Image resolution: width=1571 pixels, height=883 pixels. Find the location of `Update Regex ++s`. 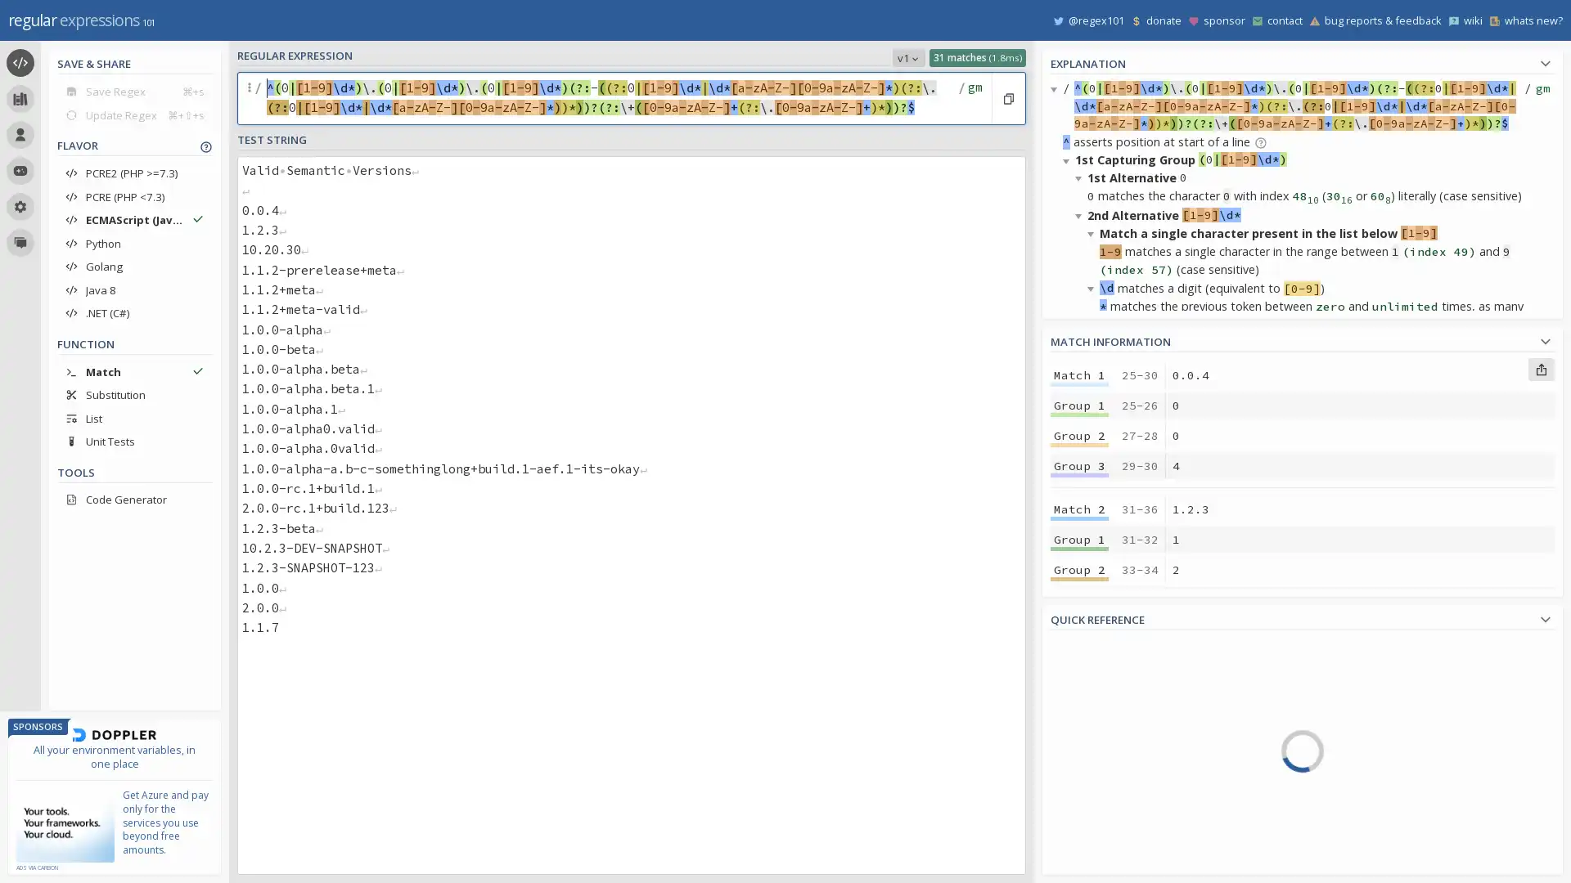

Update Regex ++s is located at coordinates (134, 114).